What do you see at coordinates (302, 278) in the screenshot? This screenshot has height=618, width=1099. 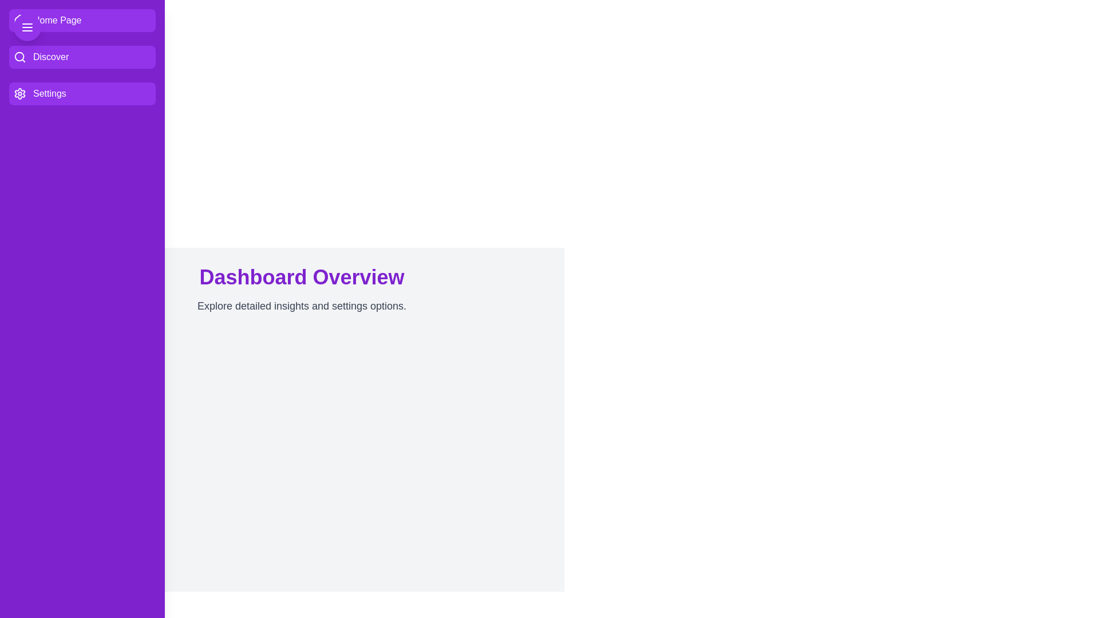 I see `the 'Dashboard Overview' text area and read its content` at bounding box center [302, 278].